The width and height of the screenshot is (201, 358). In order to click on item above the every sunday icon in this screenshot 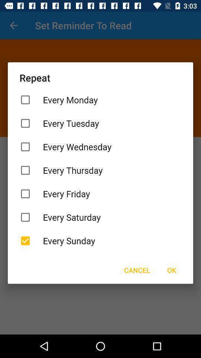, I will do `click(100, 217)`.